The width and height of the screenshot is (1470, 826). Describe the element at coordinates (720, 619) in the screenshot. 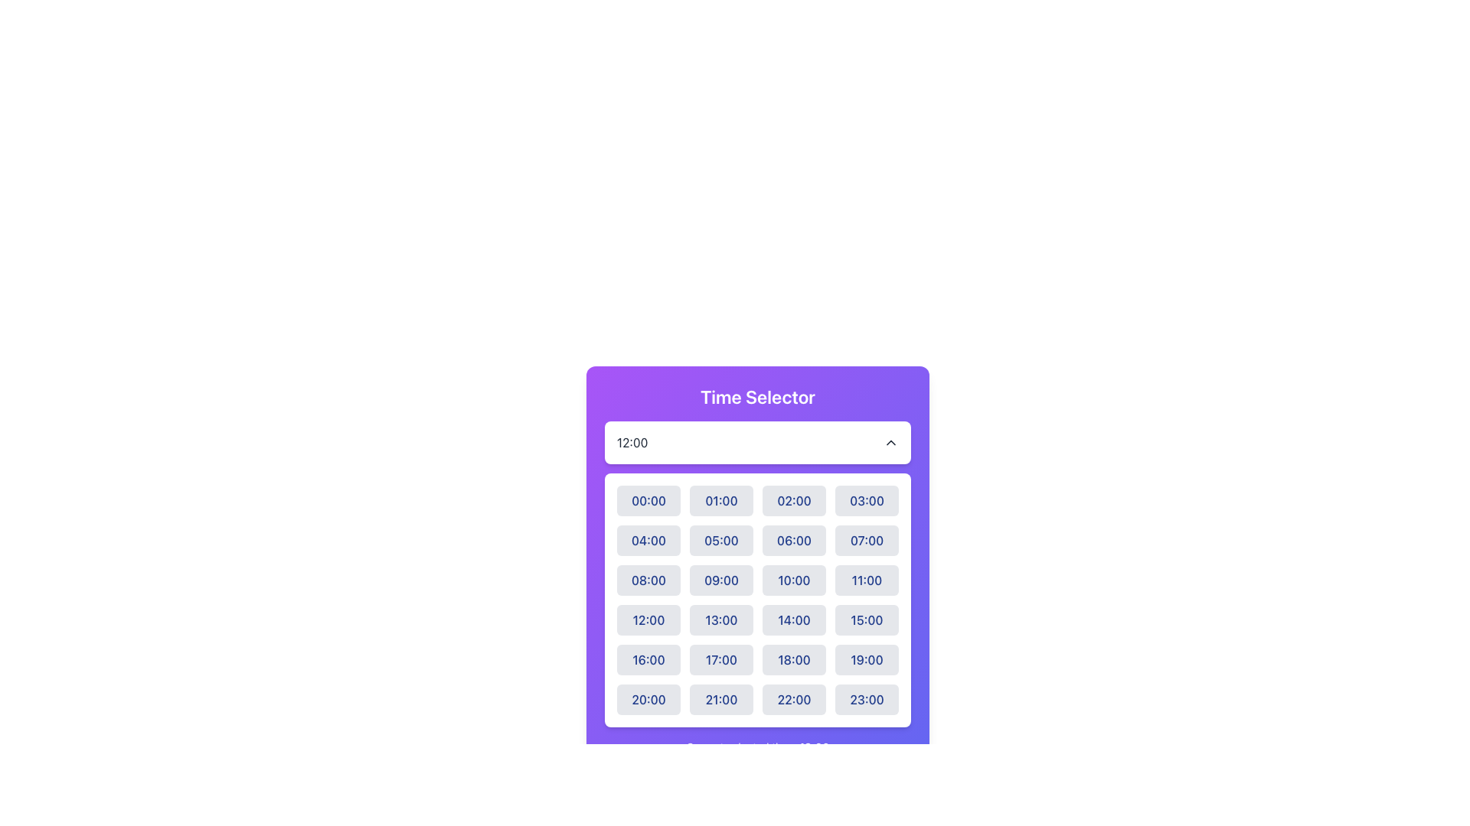

I see `the button in the fourth row and second column of the time selection grid to change its color` at that location.